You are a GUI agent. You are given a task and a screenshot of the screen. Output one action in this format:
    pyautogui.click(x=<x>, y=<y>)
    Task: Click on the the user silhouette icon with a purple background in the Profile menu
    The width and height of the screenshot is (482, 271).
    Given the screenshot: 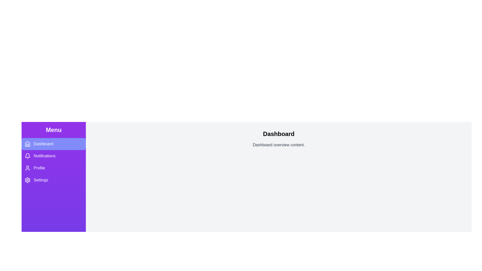 What is the action you would take?
    pyautogui.click(x=27, y=168)
    